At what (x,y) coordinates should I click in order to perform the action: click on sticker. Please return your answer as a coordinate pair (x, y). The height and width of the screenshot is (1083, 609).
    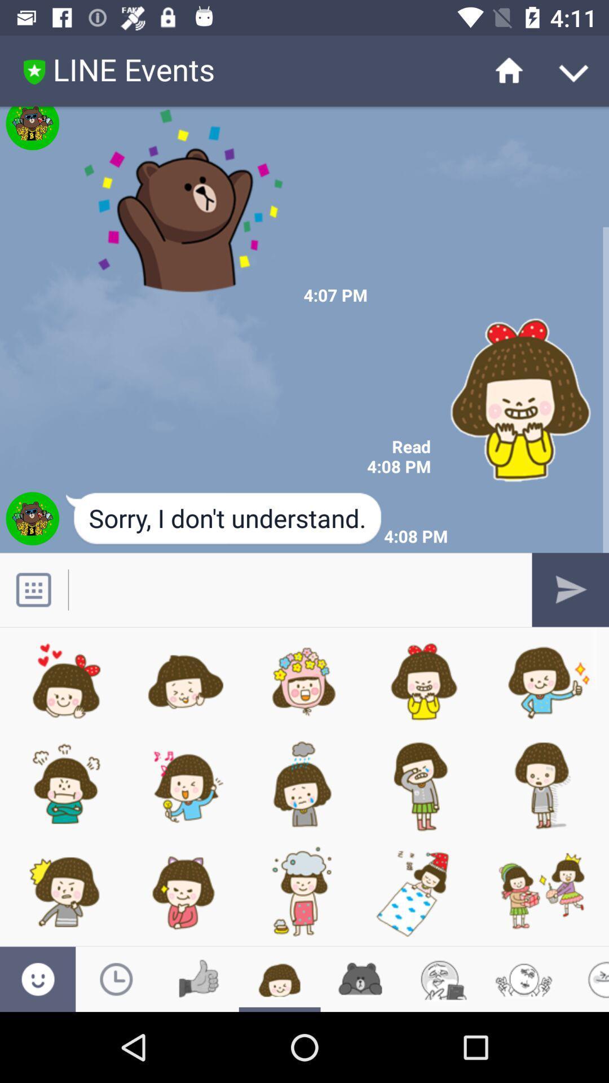
    Looking at the image, I should click on (184, 206).